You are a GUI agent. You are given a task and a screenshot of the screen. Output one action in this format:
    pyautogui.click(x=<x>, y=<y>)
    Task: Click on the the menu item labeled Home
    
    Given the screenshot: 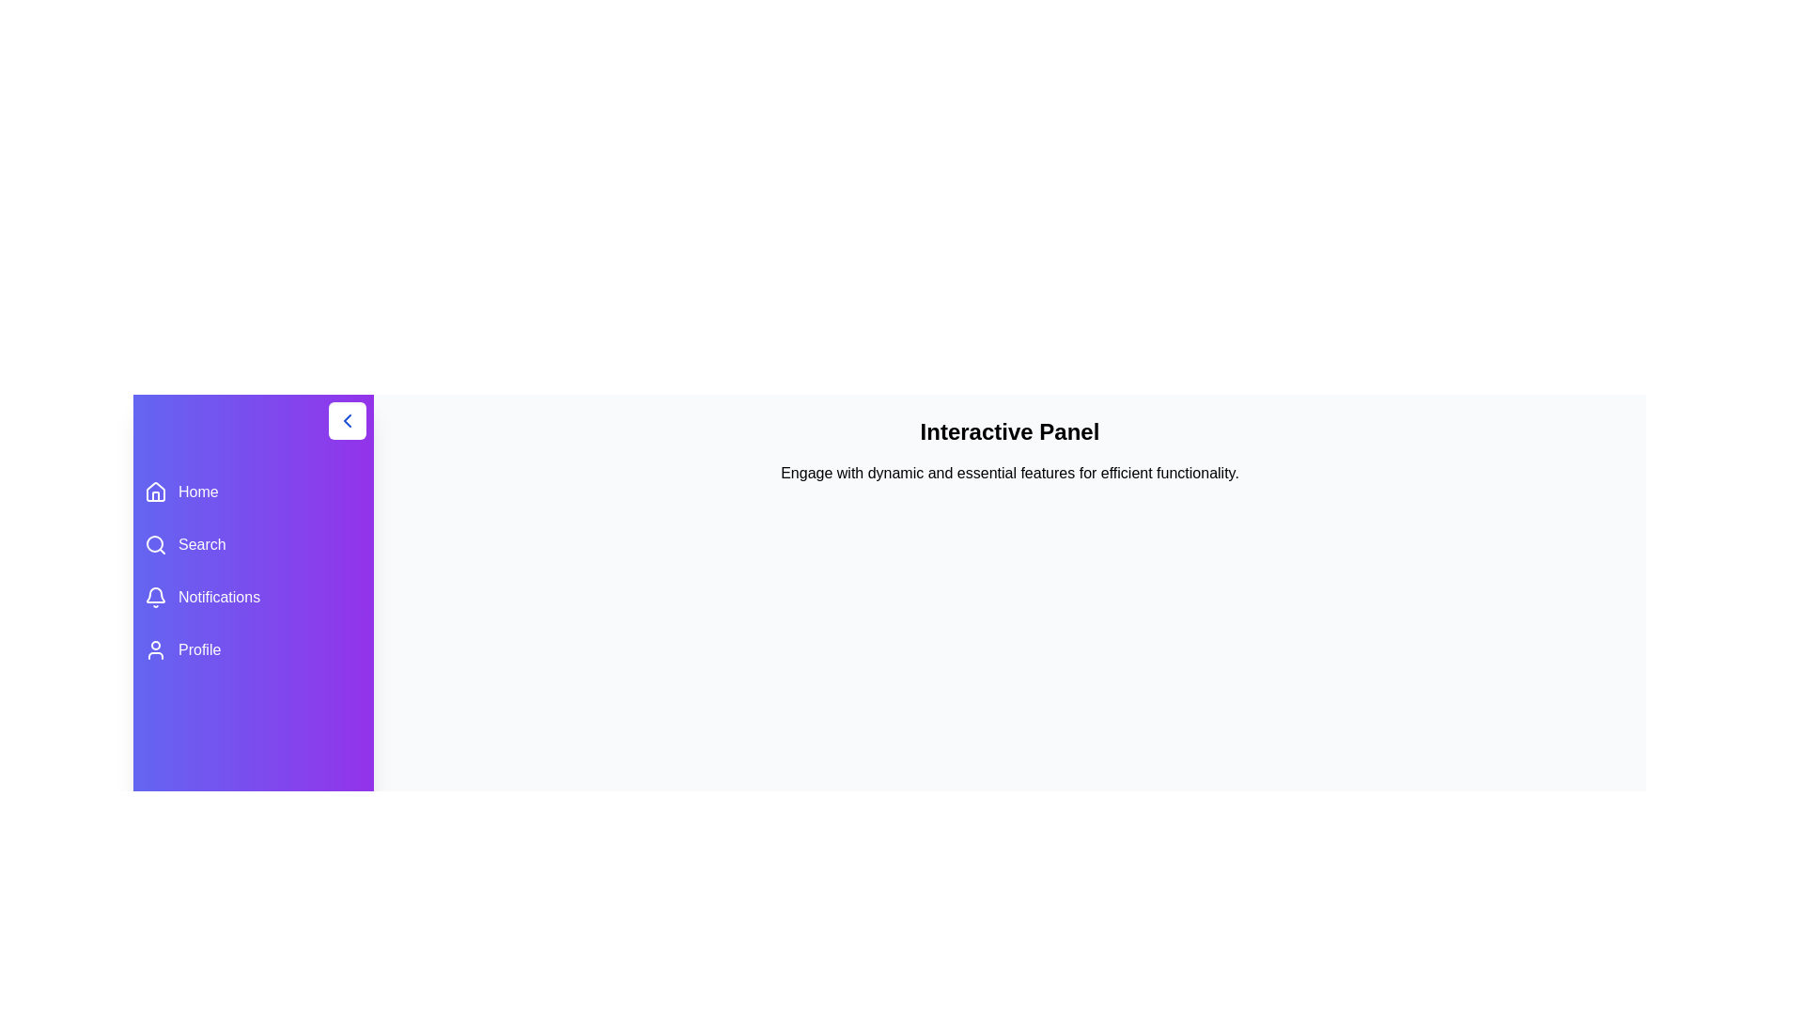 What is the action you would take?
    pyautogui.click(x=252, y=492)
    